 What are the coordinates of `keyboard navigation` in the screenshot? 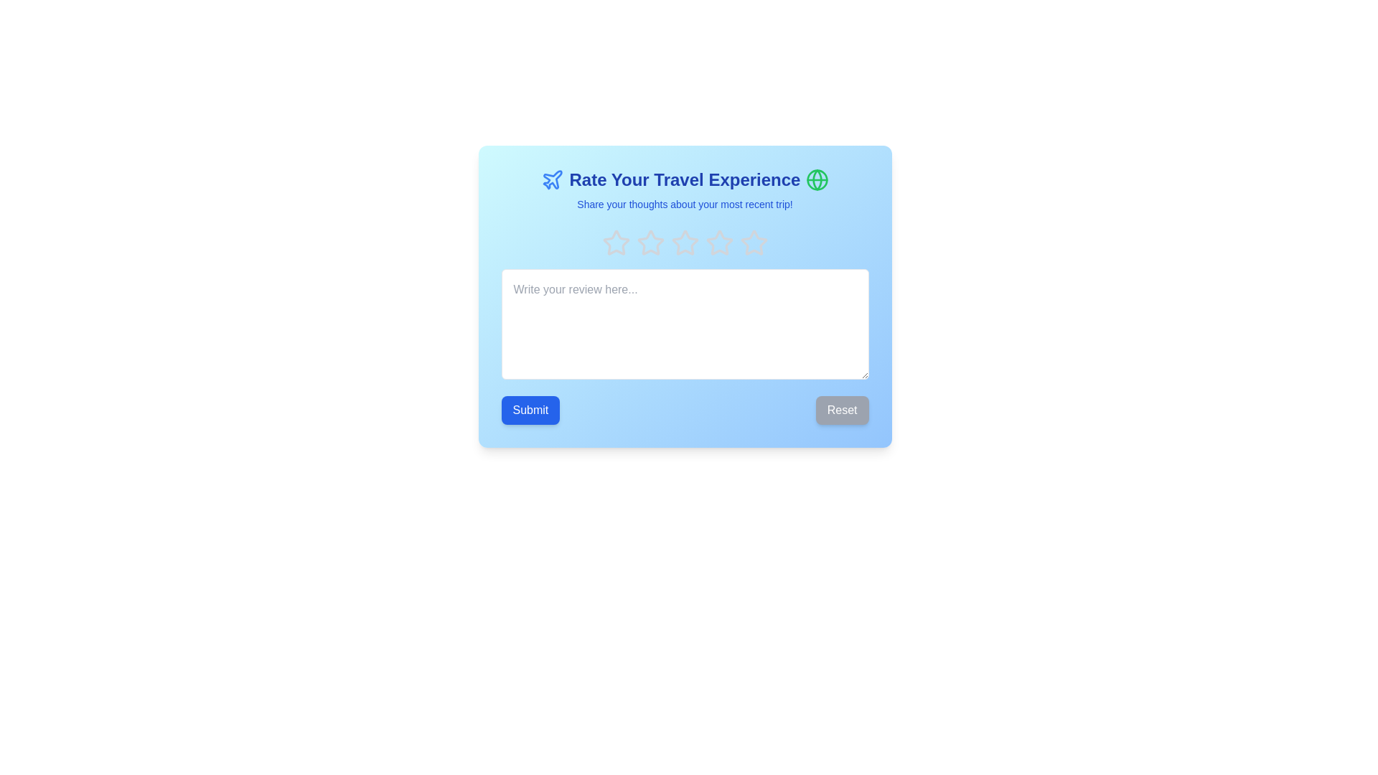 It's located at (616, 242).